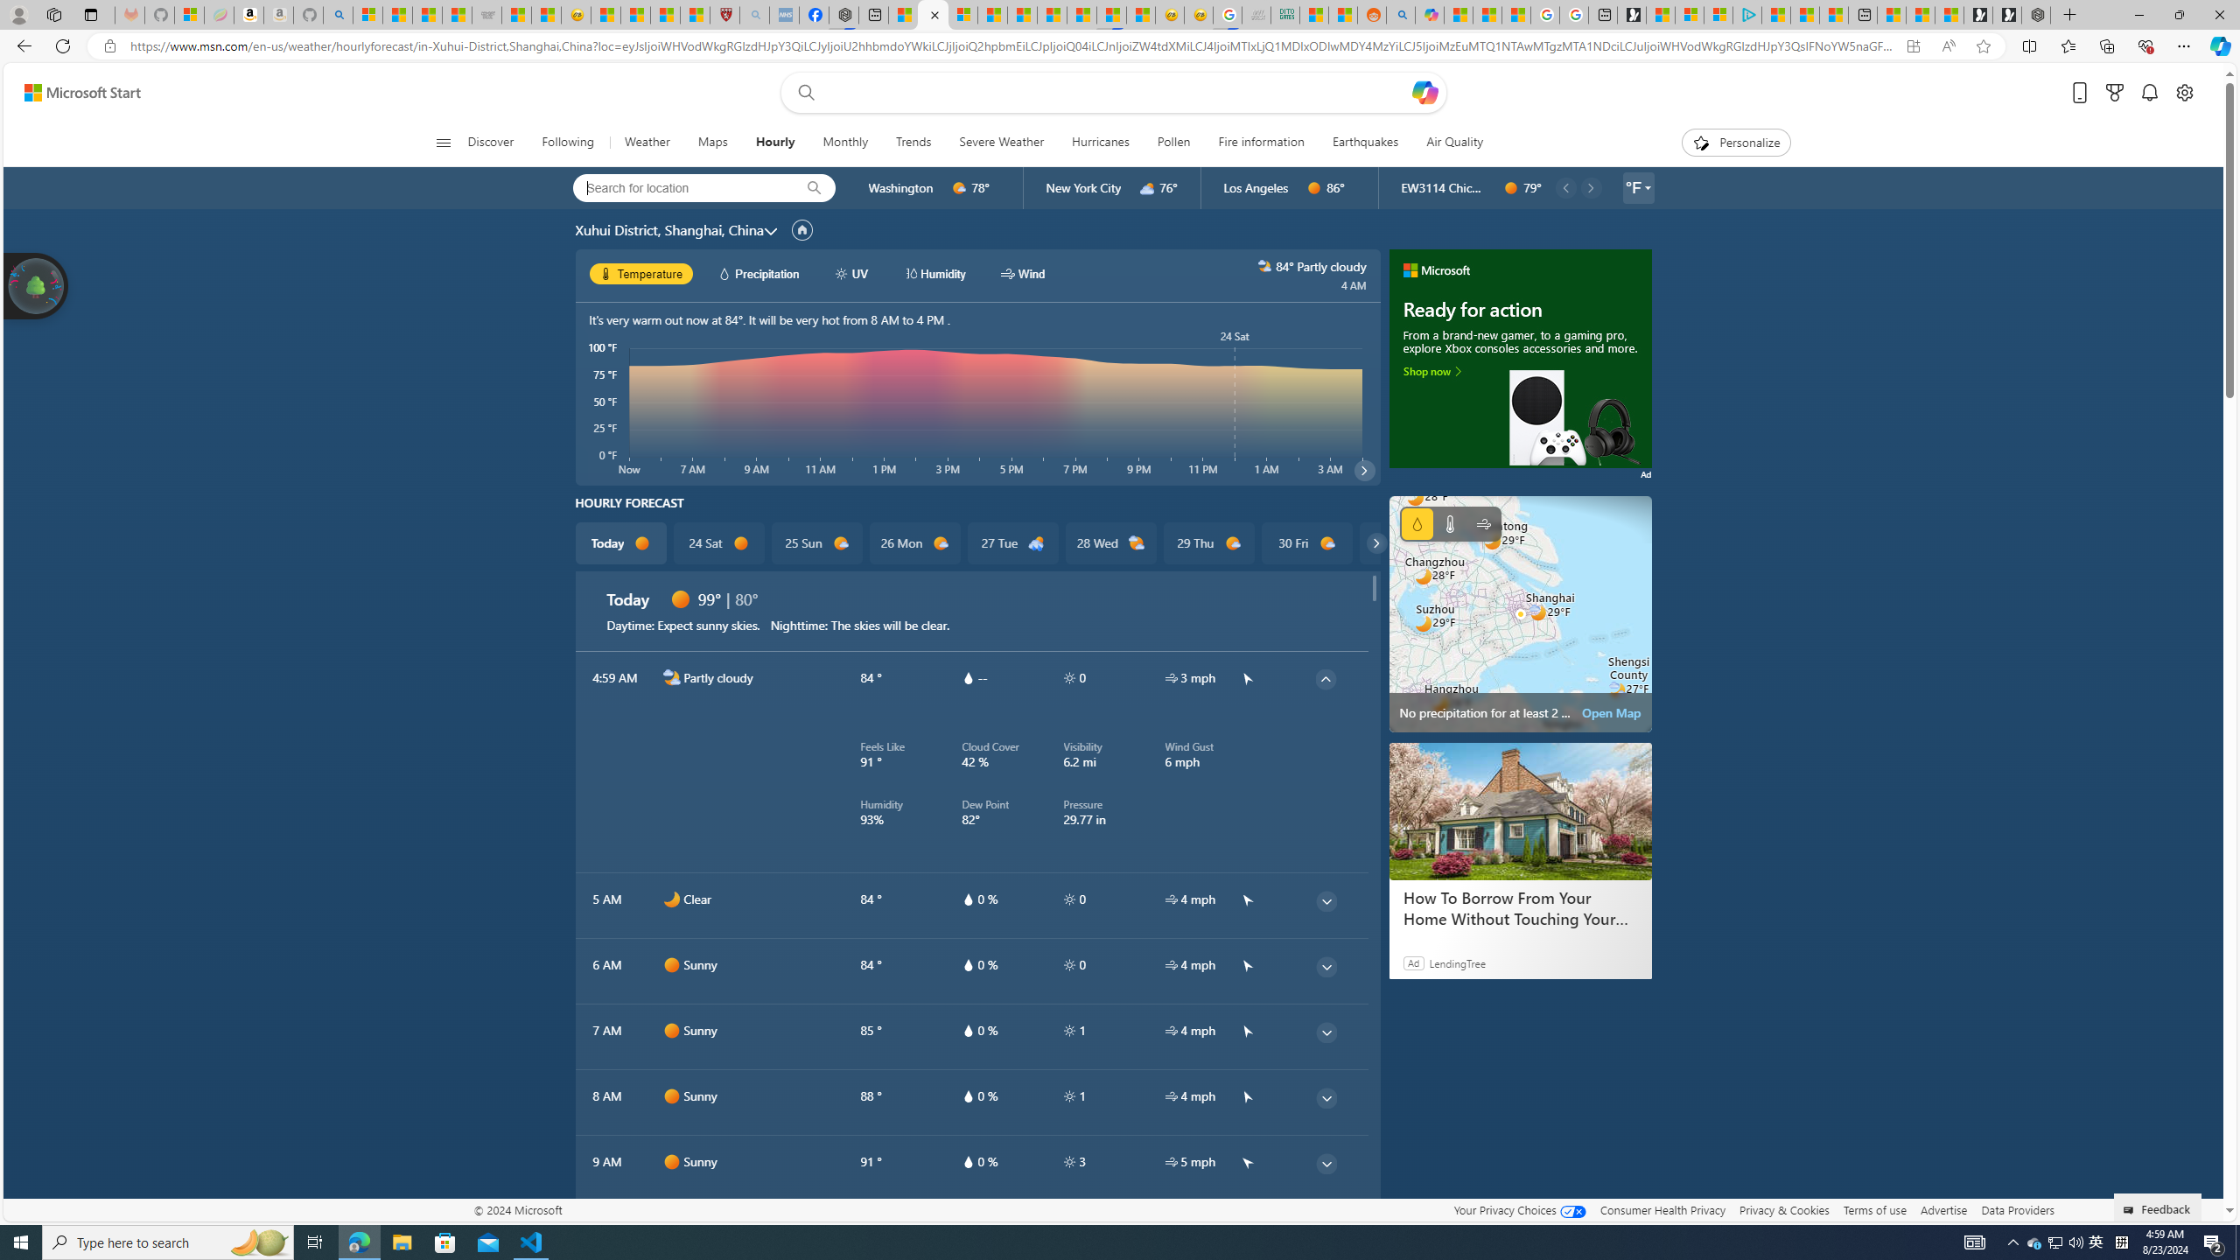  I want to click on 'Hurricanes', so click(1100, 142).